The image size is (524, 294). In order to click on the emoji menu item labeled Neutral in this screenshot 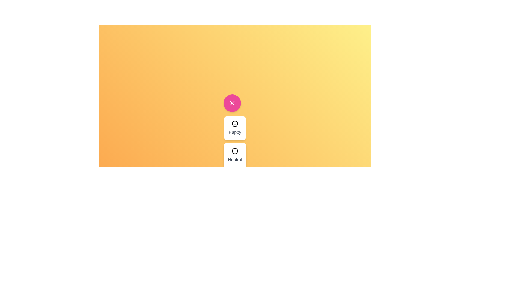, I will do `click(235, 155)`.